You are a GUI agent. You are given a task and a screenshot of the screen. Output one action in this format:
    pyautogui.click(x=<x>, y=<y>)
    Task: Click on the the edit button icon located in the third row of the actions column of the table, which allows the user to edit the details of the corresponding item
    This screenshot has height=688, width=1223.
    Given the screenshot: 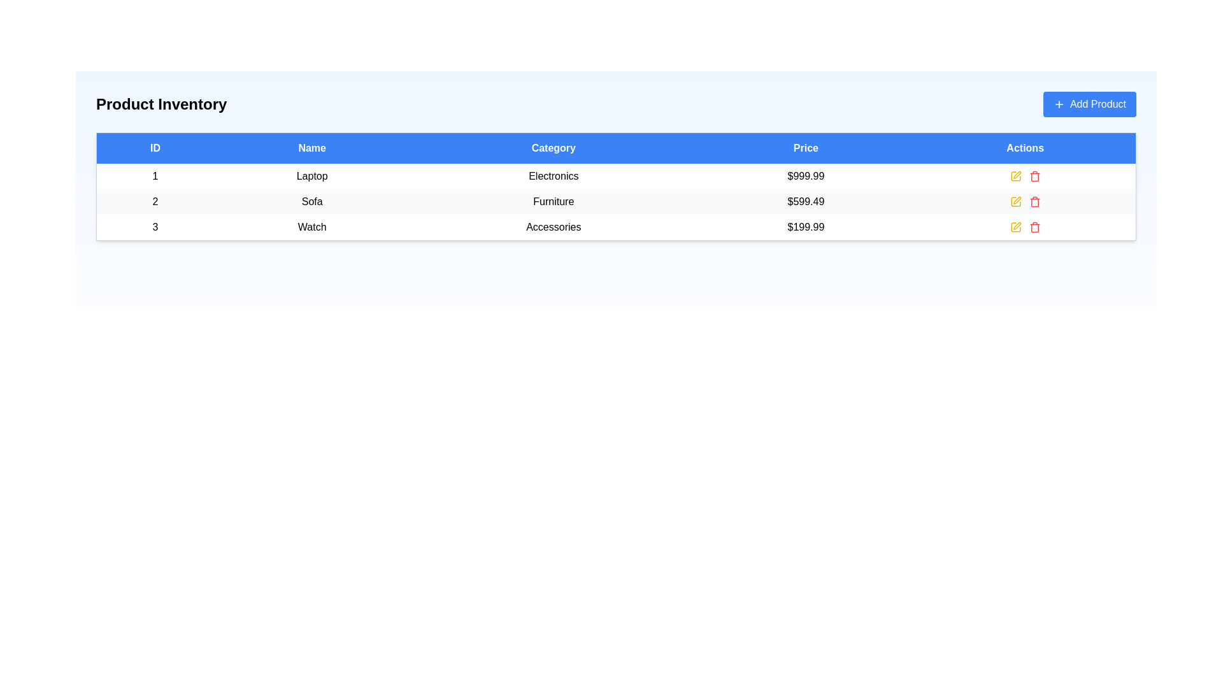 What is the action you would take?
    pyautogui.click(x=1015, y=227)
    